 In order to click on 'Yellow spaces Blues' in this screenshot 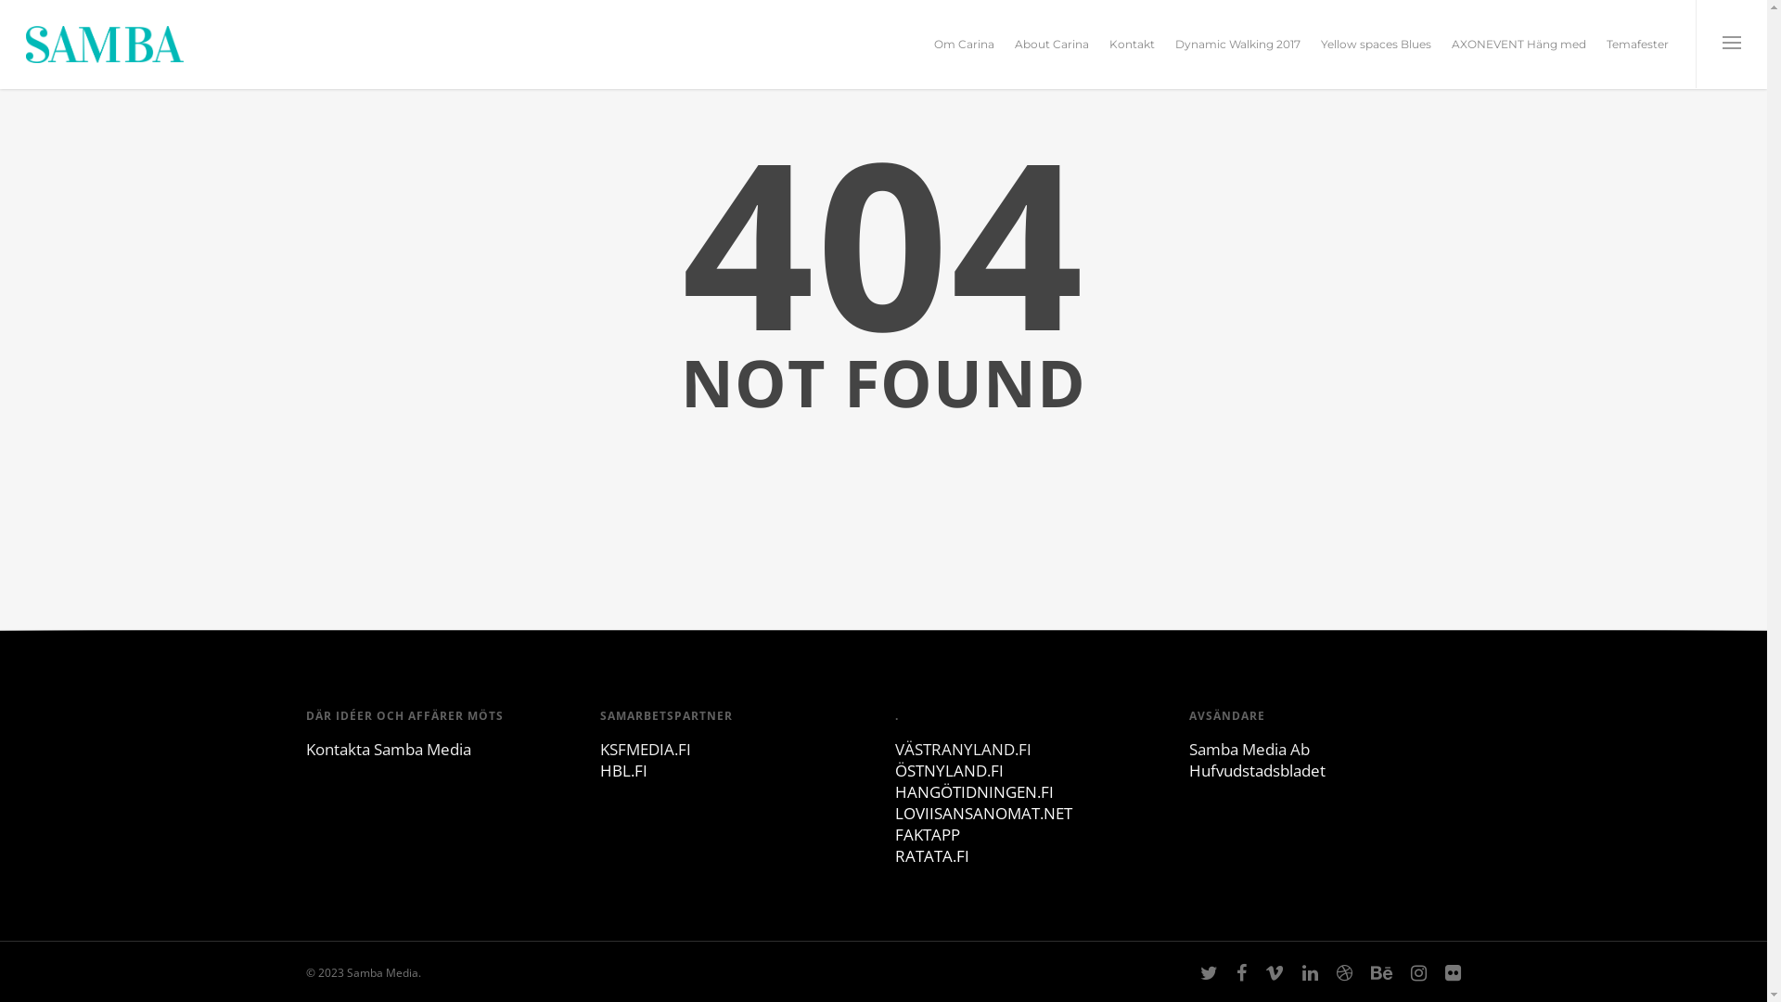, I will do `click(1376, 56)`.